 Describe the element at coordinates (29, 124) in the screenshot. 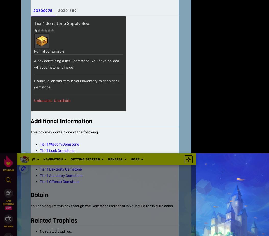

I see `'Overview'` at that location.